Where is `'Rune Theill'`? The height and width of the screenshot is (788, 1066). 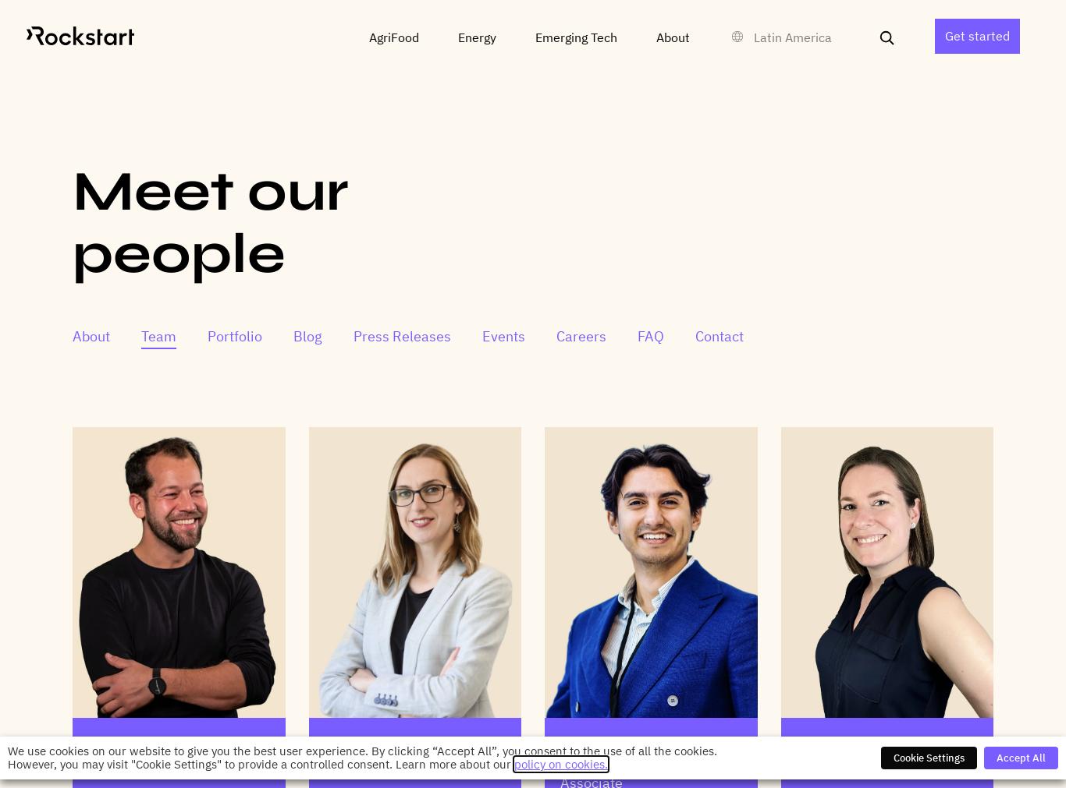
'Rune Theill' is located at coordinates (87, 741).